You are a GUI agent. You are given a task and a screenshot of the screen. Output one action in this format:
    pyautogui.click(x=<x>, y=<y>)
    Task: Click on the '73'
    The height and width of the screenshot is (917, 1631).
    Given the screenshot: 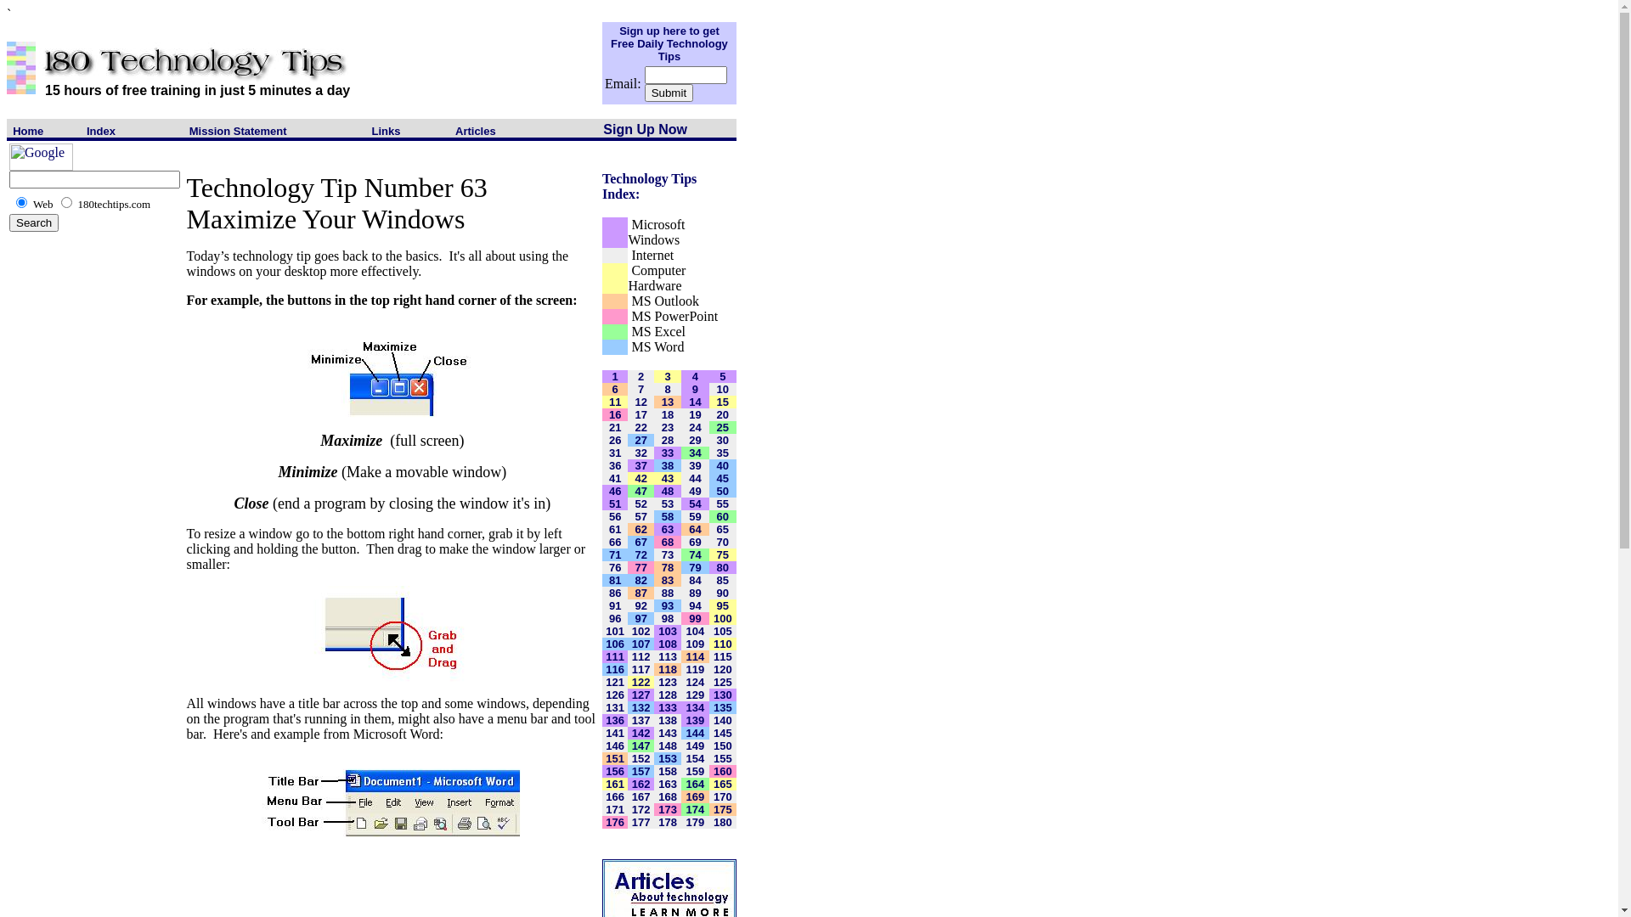 What is the action you would take?
    pyautogui.click(x=667, y=554)
    